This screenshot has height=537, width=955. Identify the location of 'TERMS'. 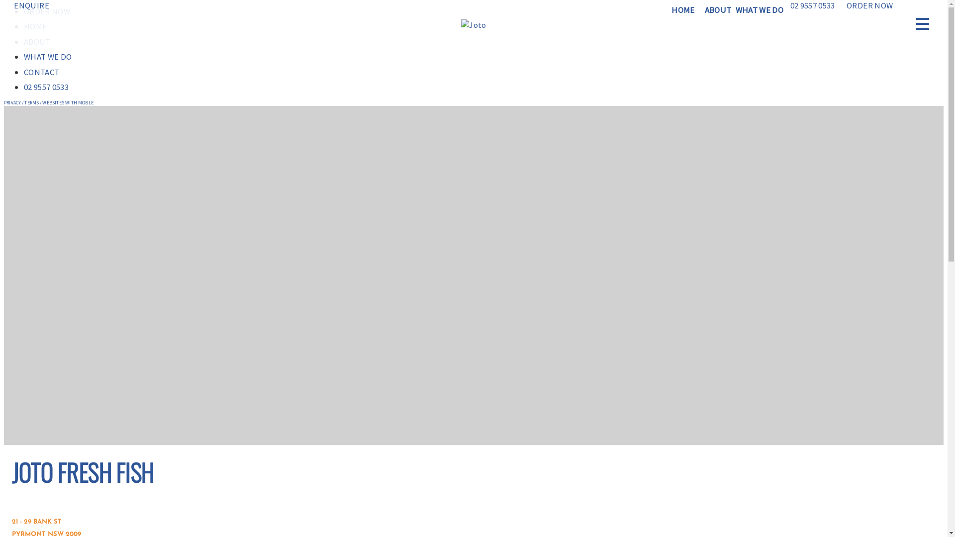
(31, 102).